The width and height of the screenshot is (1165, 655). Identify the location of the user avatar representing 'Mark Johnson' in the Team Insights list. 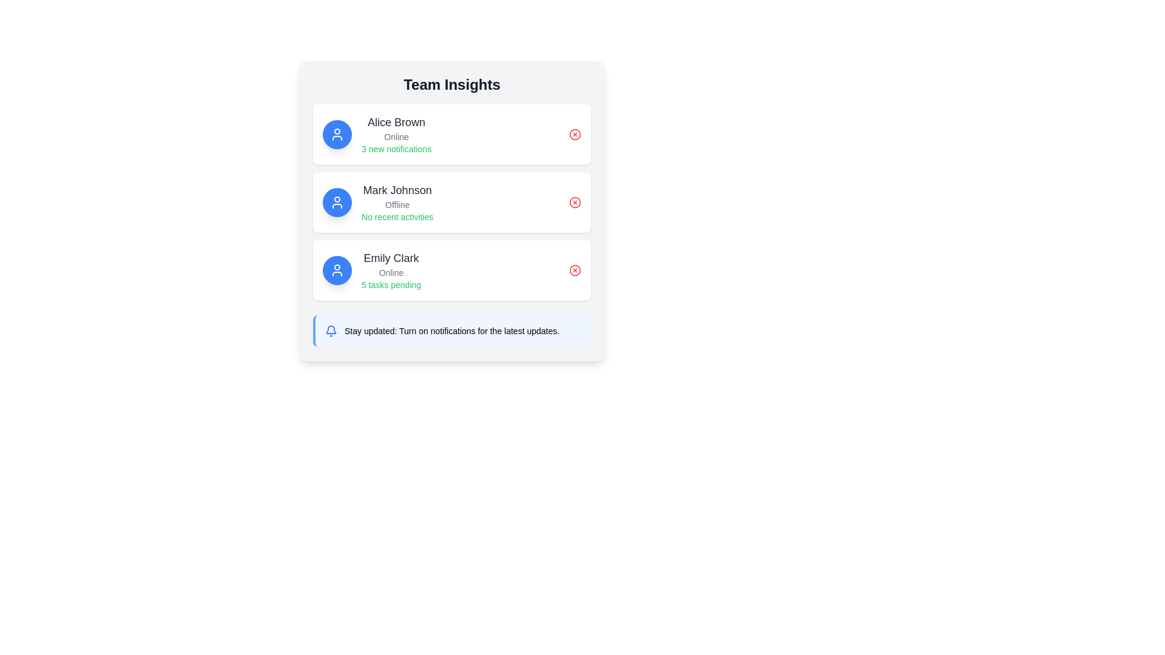
(337, 202).